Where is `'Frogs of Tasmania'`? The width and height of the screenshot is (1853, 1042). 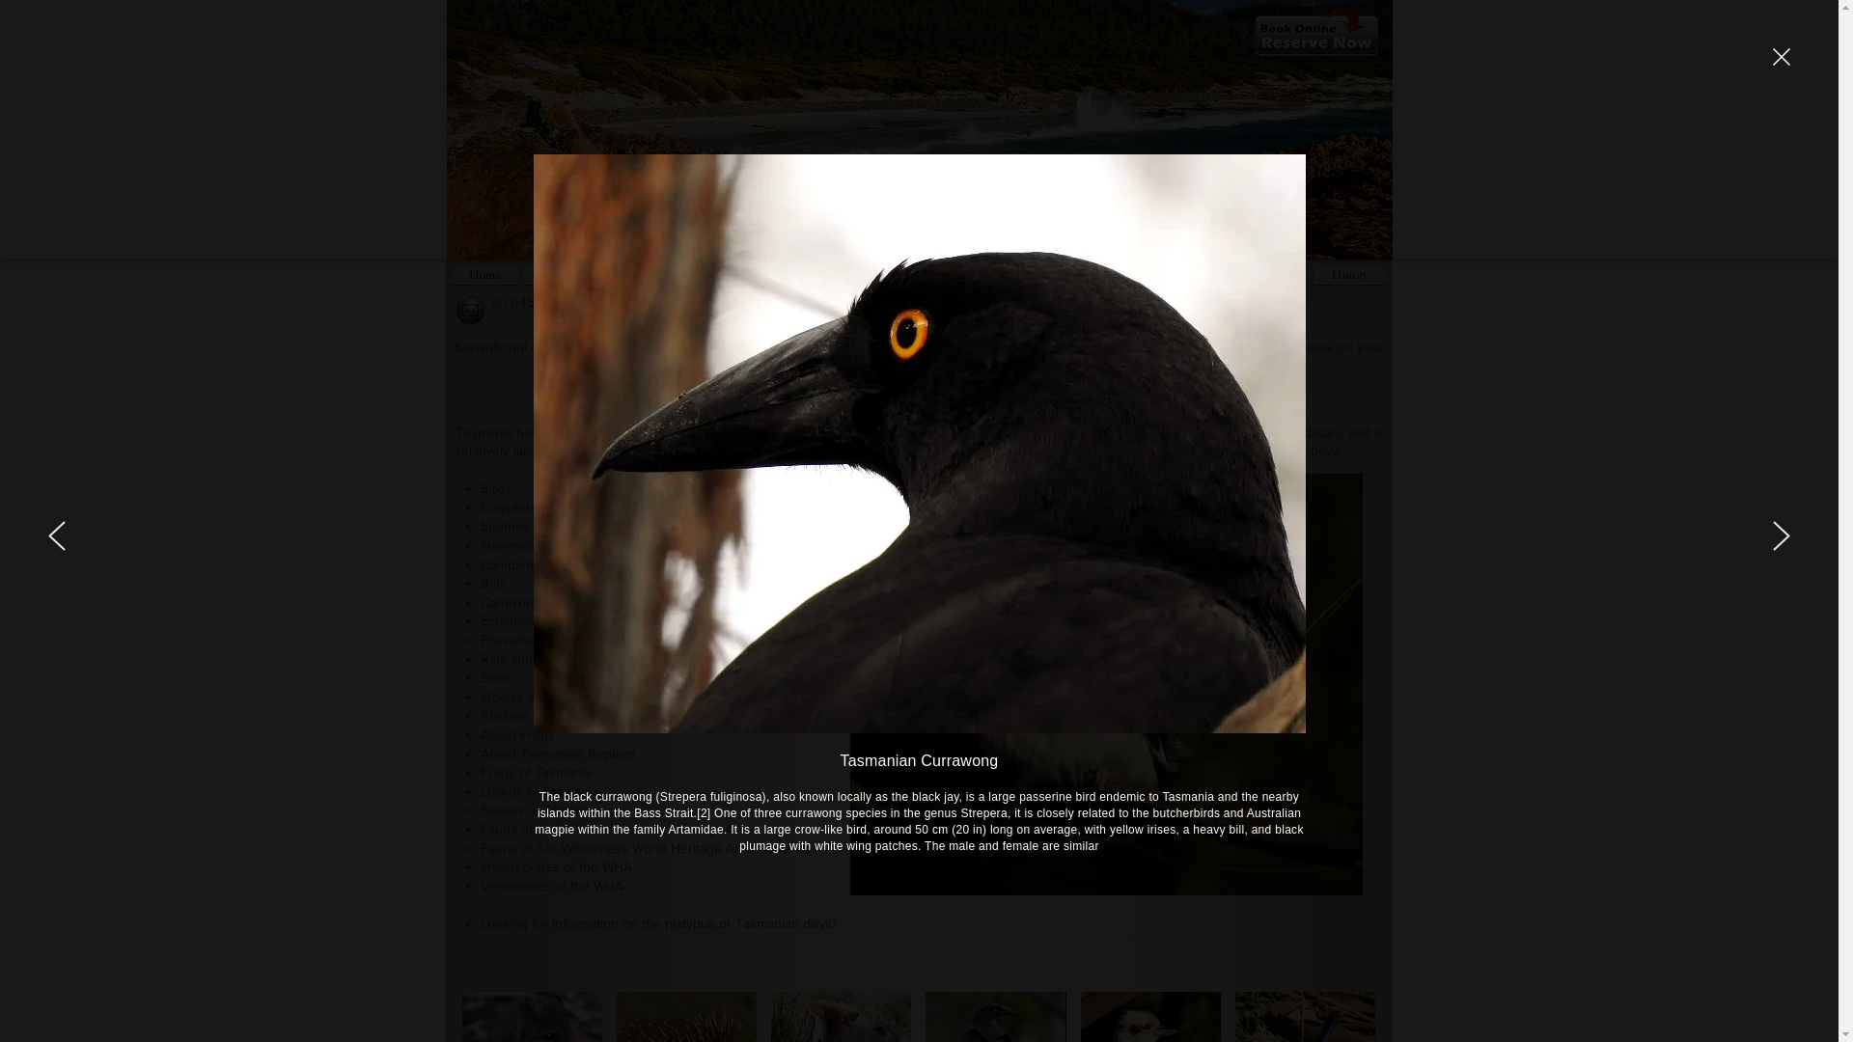 'Frogs of Tasmania' is located at coordinates (536, 770).